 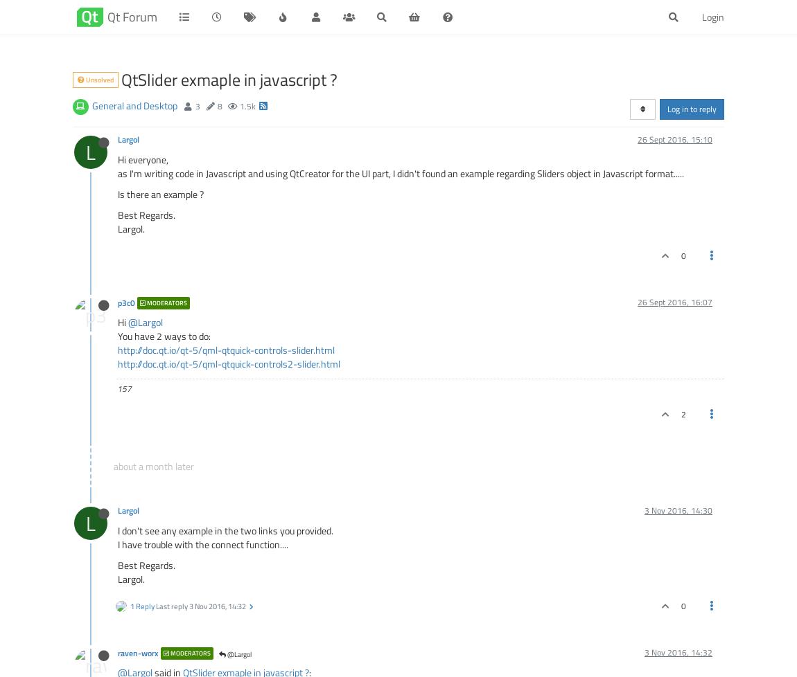 I want to click on 'p3c0', so click(x=125, y=301).